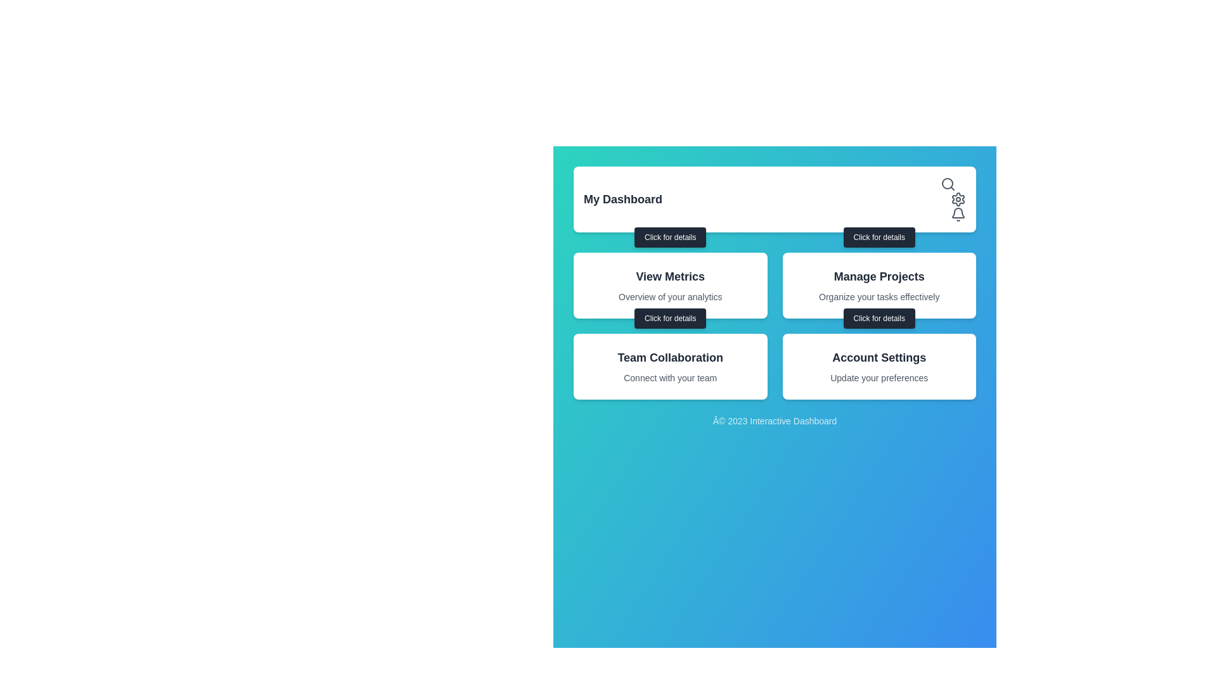 This screenshot has height=684, width=1217. I want to click on the Tooltip that provides additional information about the 'Manage Projects' section, located above the 'Manage Projects' panel, so click(879, 237).